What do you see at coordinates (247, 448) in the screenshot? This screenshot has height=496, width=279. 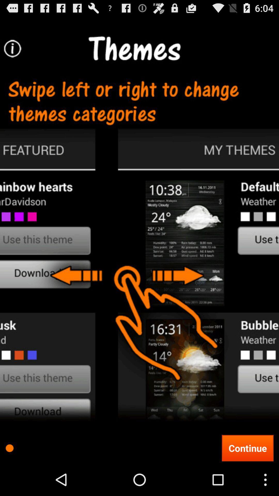 I see `the continue button` at bounding box center [247, 448].